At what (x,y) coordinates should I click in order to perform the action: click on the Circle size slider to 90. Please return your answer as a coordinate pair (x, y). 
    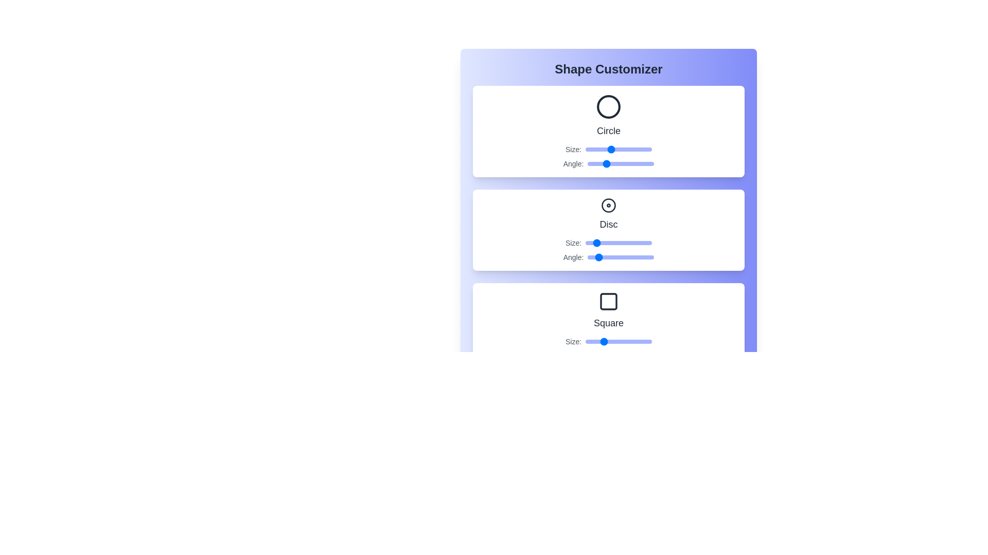
    Looking at the image, I should click on (643, 149).